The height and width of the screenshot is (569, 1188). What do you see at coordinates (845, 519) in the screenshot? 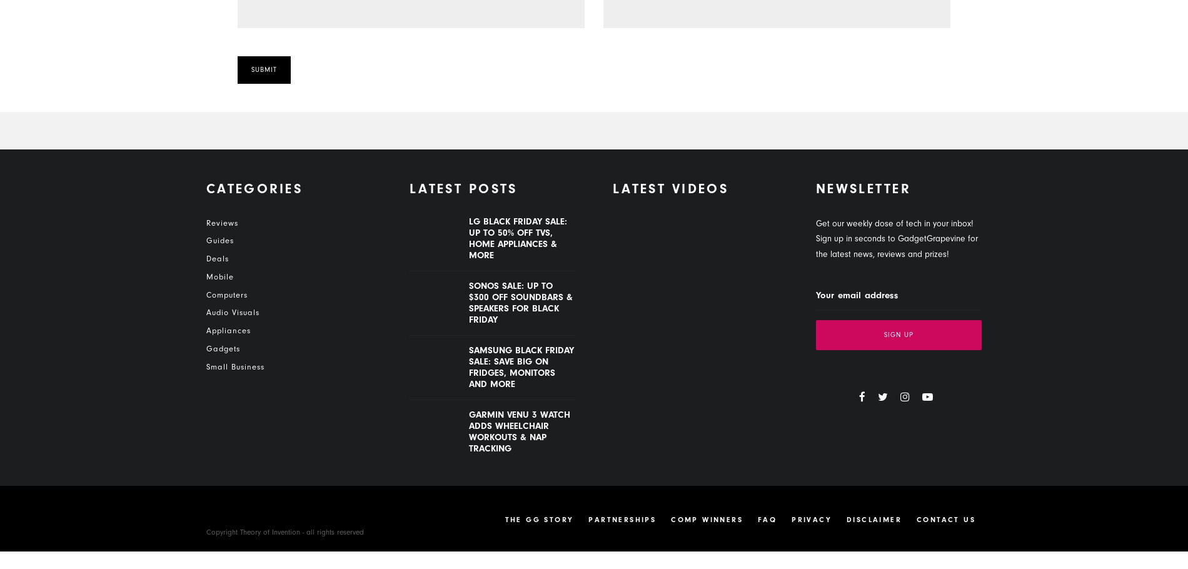
I see `'Disclaimer'` at bounding box center [845, 519].